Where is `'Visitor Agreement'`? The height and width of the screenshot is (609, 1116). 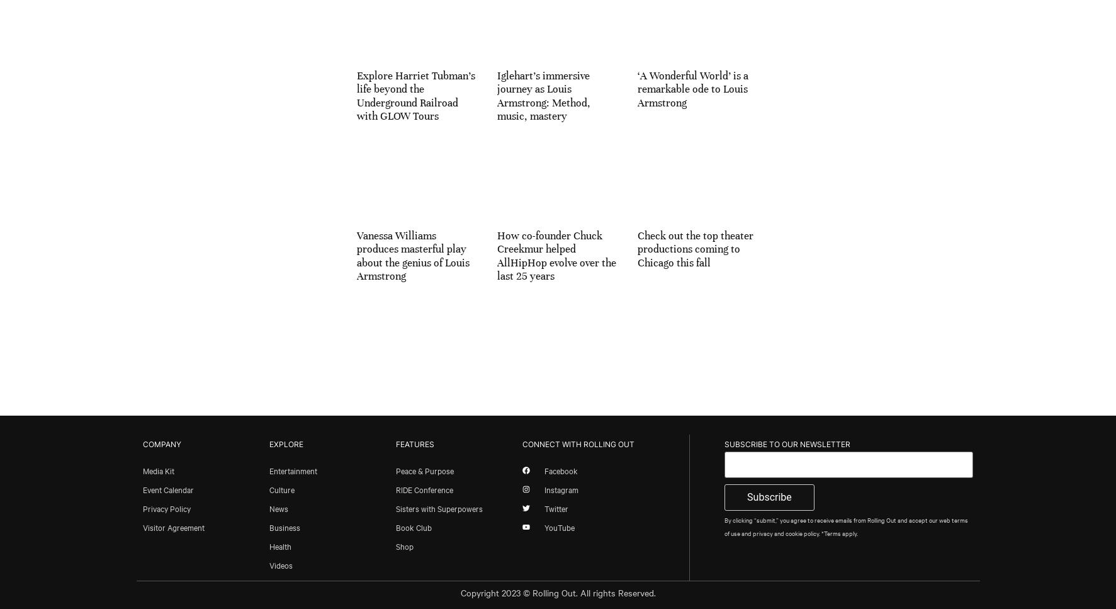 'Visitor Agreement' is located at coordinates (172, 526).